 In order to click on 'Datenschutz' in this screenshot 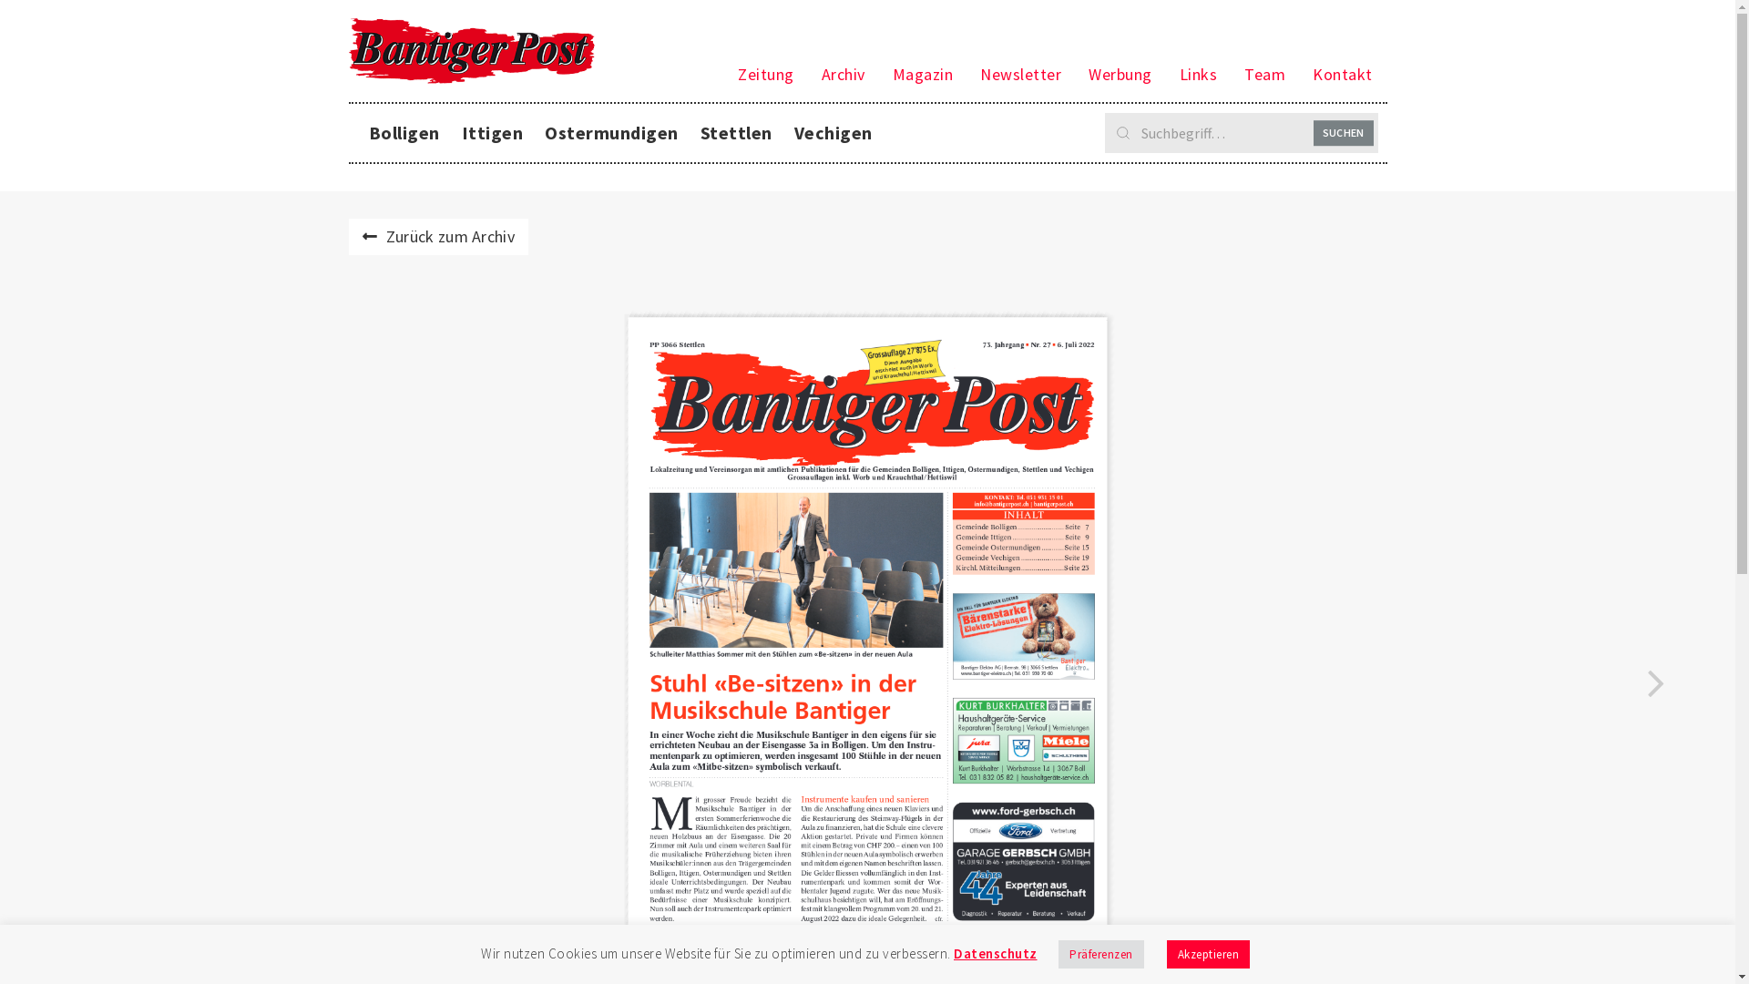, I will do `click(995, 952)`.